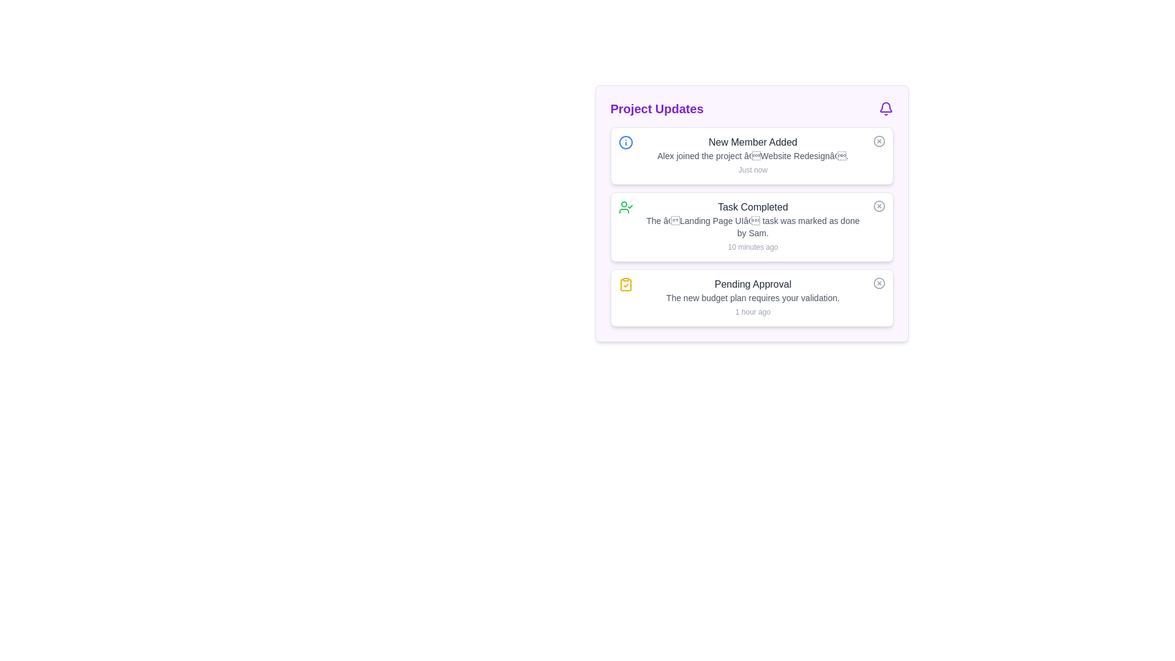  I want to click on the title label that summarizes the notification about a new member being added to a project, located at the top of the notification card in the 'Project Updates' section, so click(752, 141).